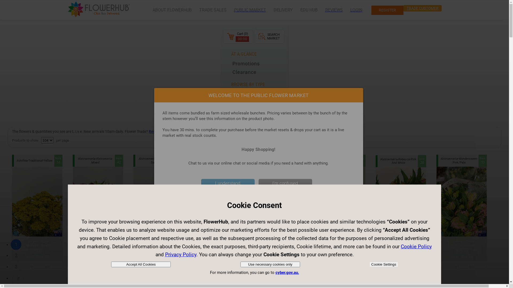  Describe the element at coordinates (422, 8) in the screenshot. I see `'TRADE CUSTOMER'` at that location.